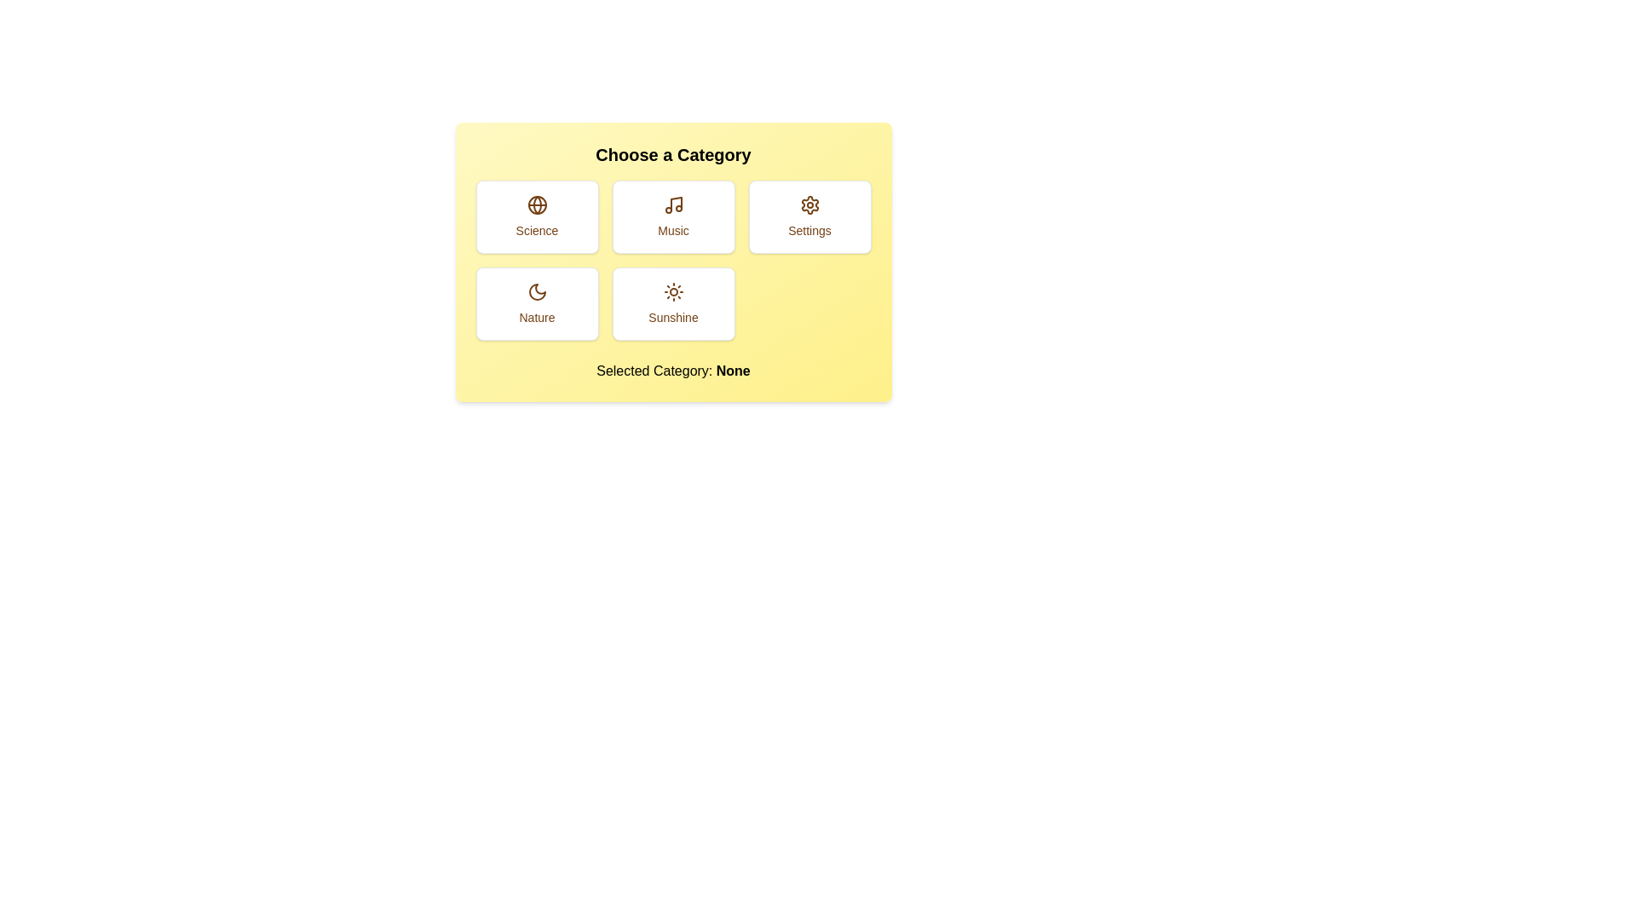  What do you see at coordinates (536, 230) in the screenshot?
I see `the Static Label that describes the category 'Science' located below the globe icon in the top-left card of the 2x3 grid layout` at bounding box center [536, 230].